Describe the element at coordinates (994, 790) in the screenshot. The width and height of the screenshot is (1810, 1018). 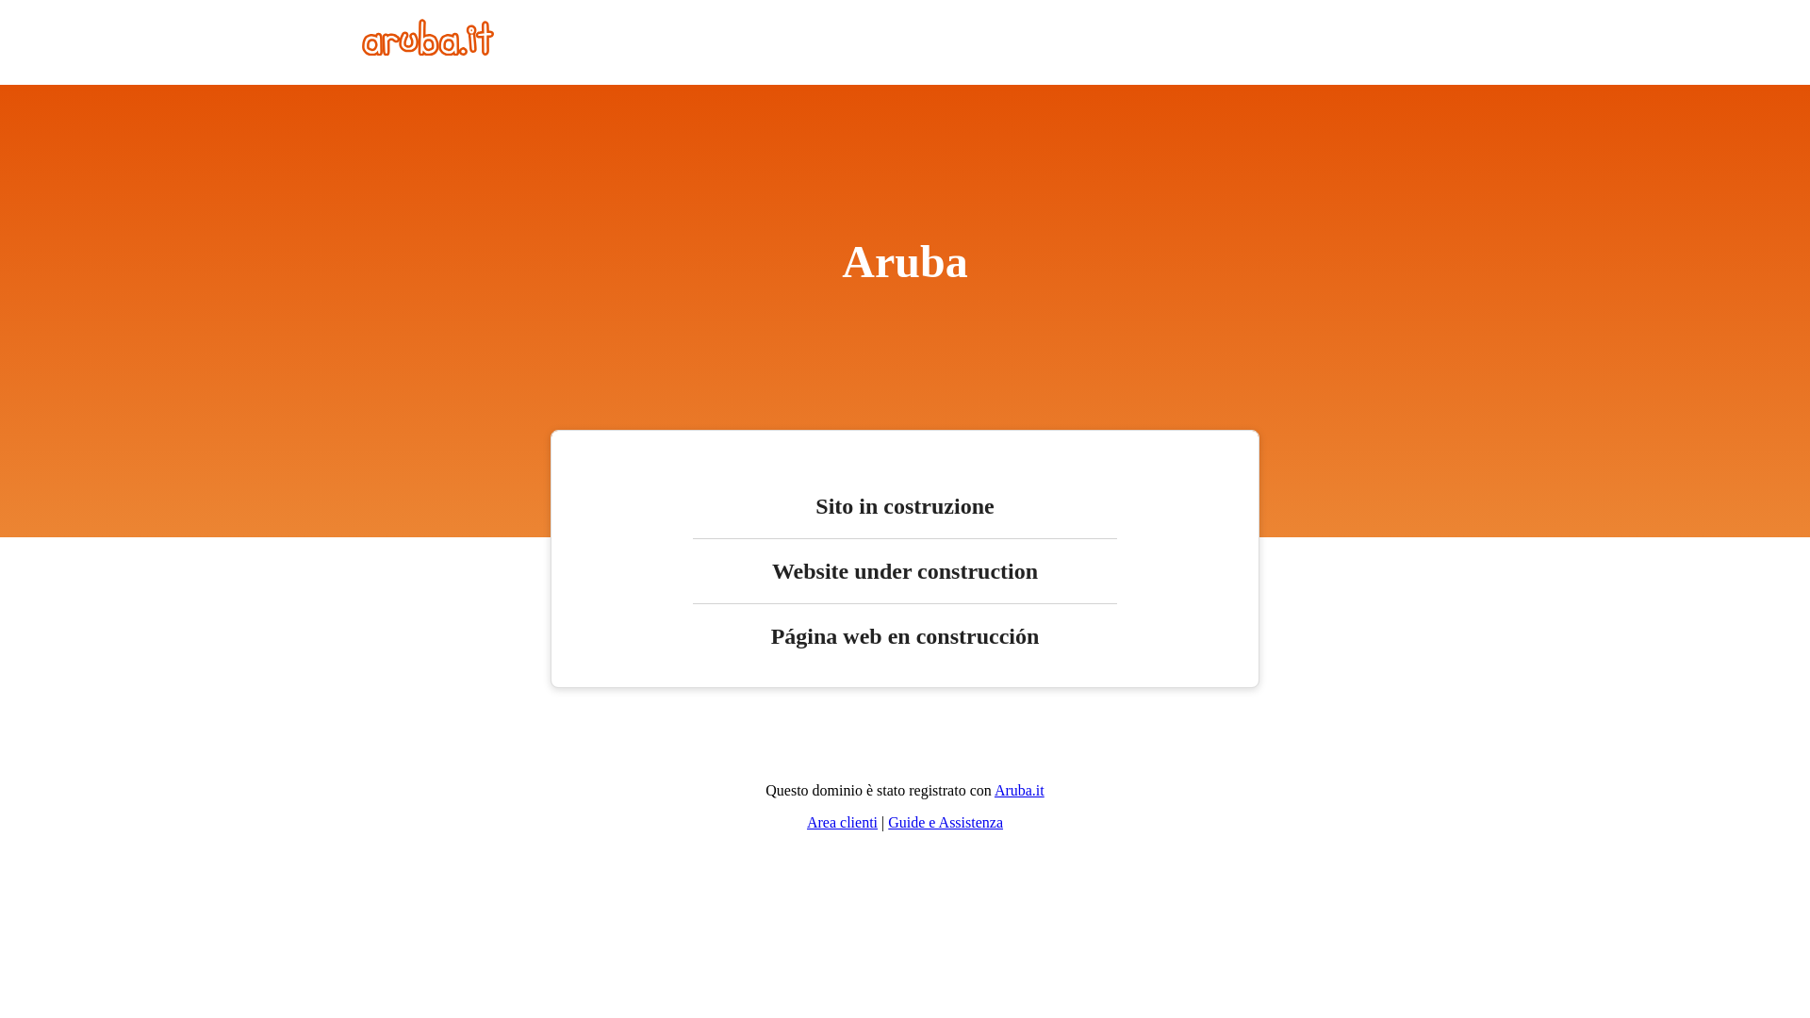
I see `'Aruba.it'` at that location.